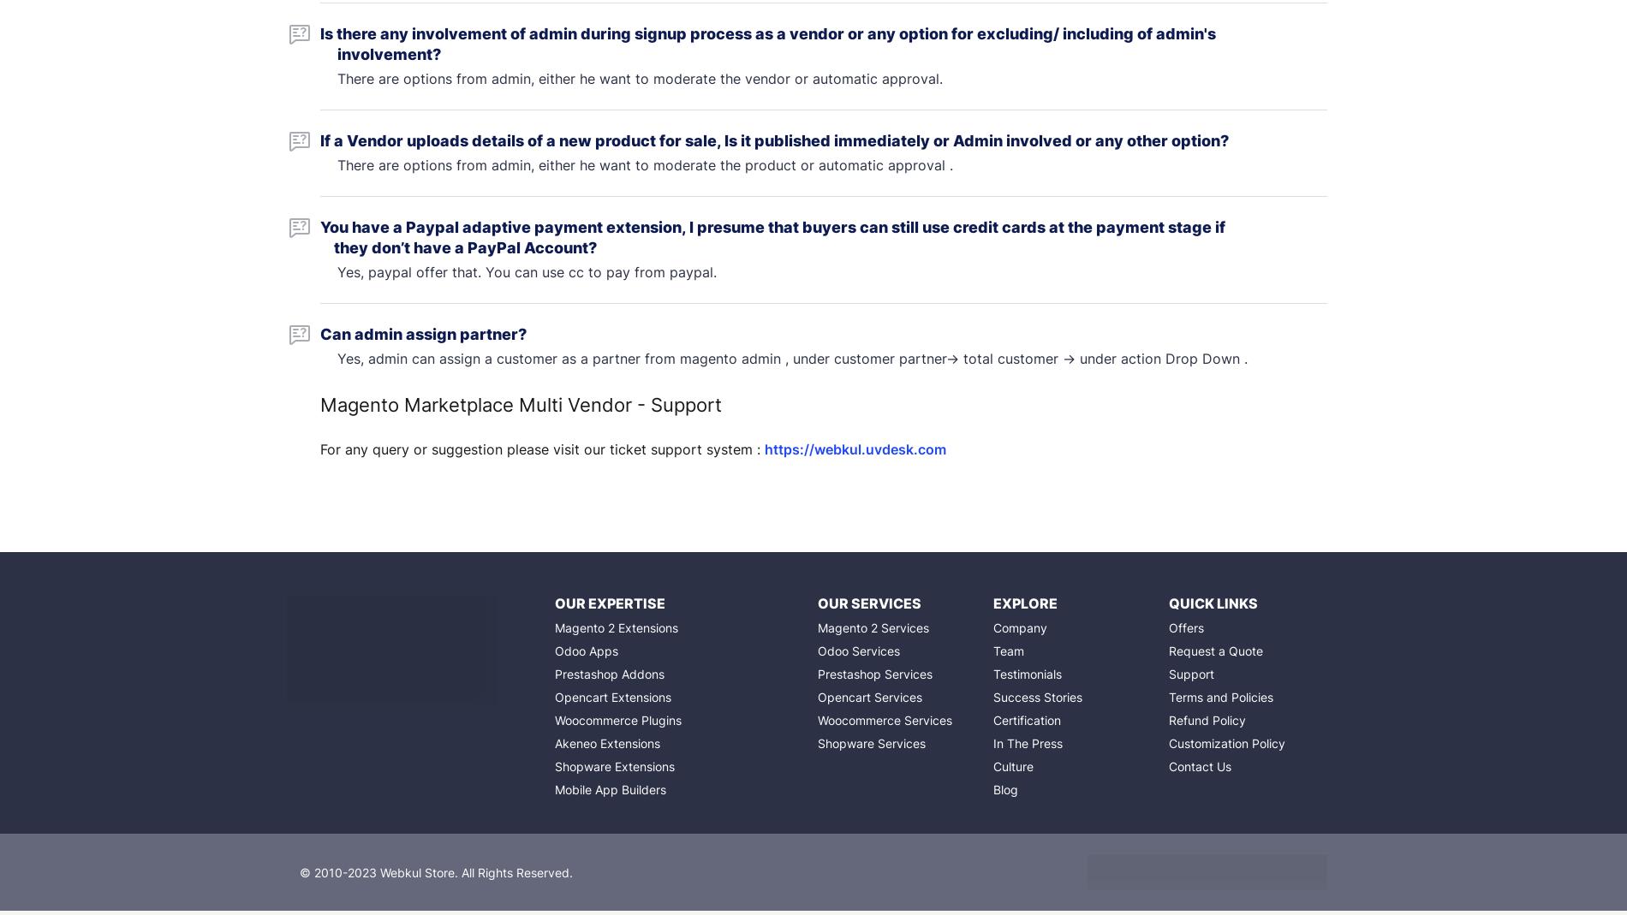 The height and width of the screenshot is (915, 1627). What do you see at coordinates (1004, 788) in the screenshot?
I see `'Blog'` at bounding box center [1004, 788].